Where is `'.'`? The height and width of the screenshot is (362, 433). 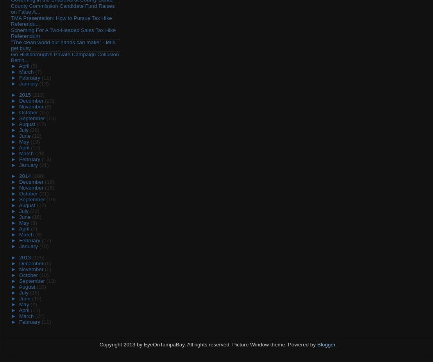
'.' is located at coordinates (336, 344).